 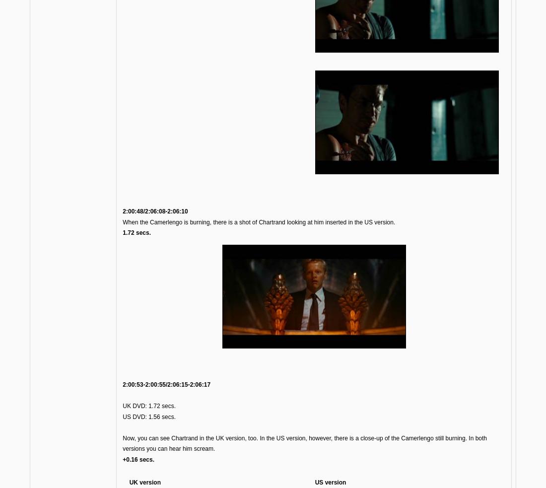 What do you see at coordinates (122, 405) in the screenshot?
I see `'UK DVD: 1.72 secs.'` at bounding box center [122, 405].